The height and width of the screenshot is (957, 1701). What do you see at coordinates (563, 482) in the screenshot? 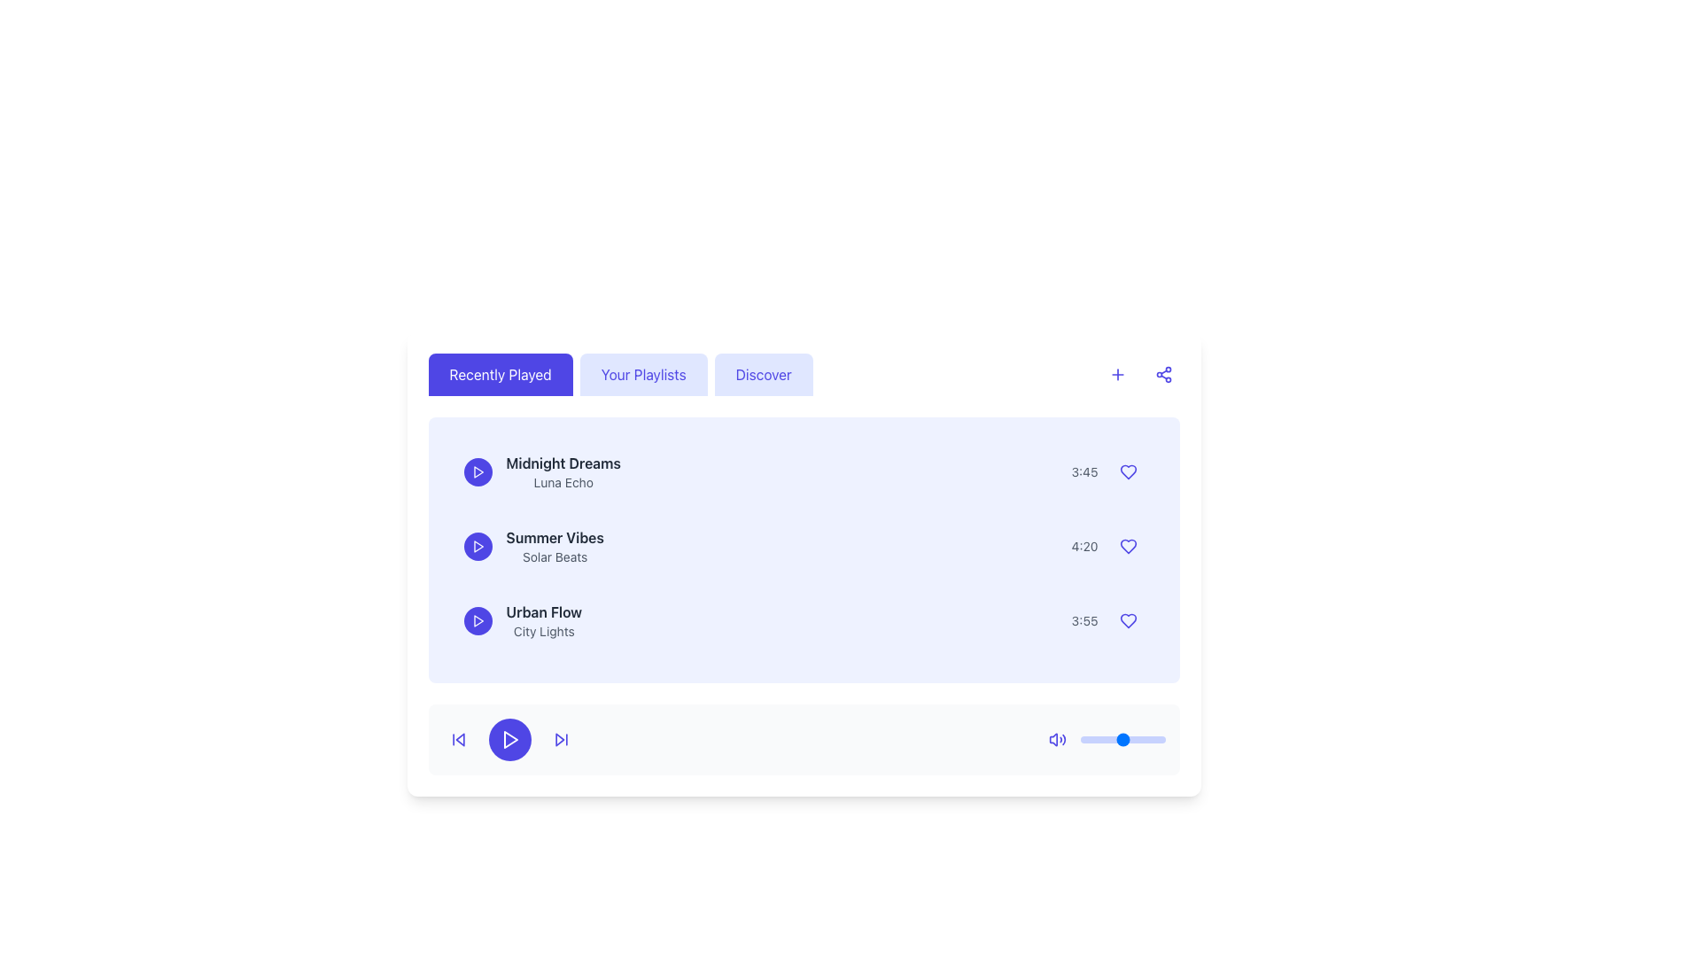
I see `the static text label displaying 'Luna Echo', which is styled in a smaller gray font and positioned directly beneath the bold text 'Midnight Dreams' in the 'Recently Played' tab of the media playlist interface` at bounding box center [563, 482].